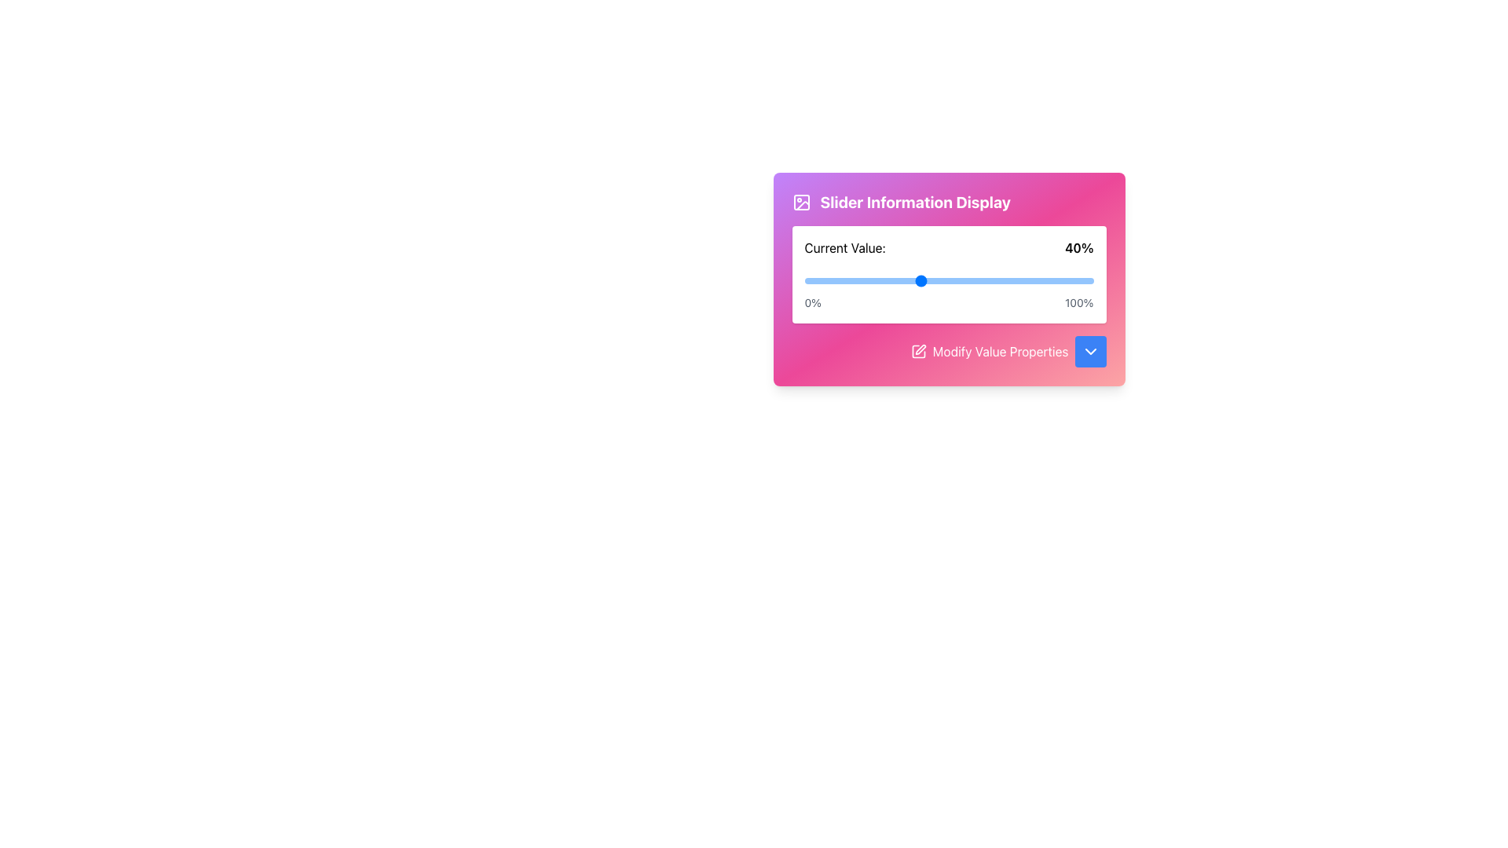  What do you see at coordinates (918, 350) in the screenshot?
I see `the edit icon located in the footer area of the card, adjacent to the 'Modify Value Properties' label, to initiate editing` at bounding box center [918, 350].